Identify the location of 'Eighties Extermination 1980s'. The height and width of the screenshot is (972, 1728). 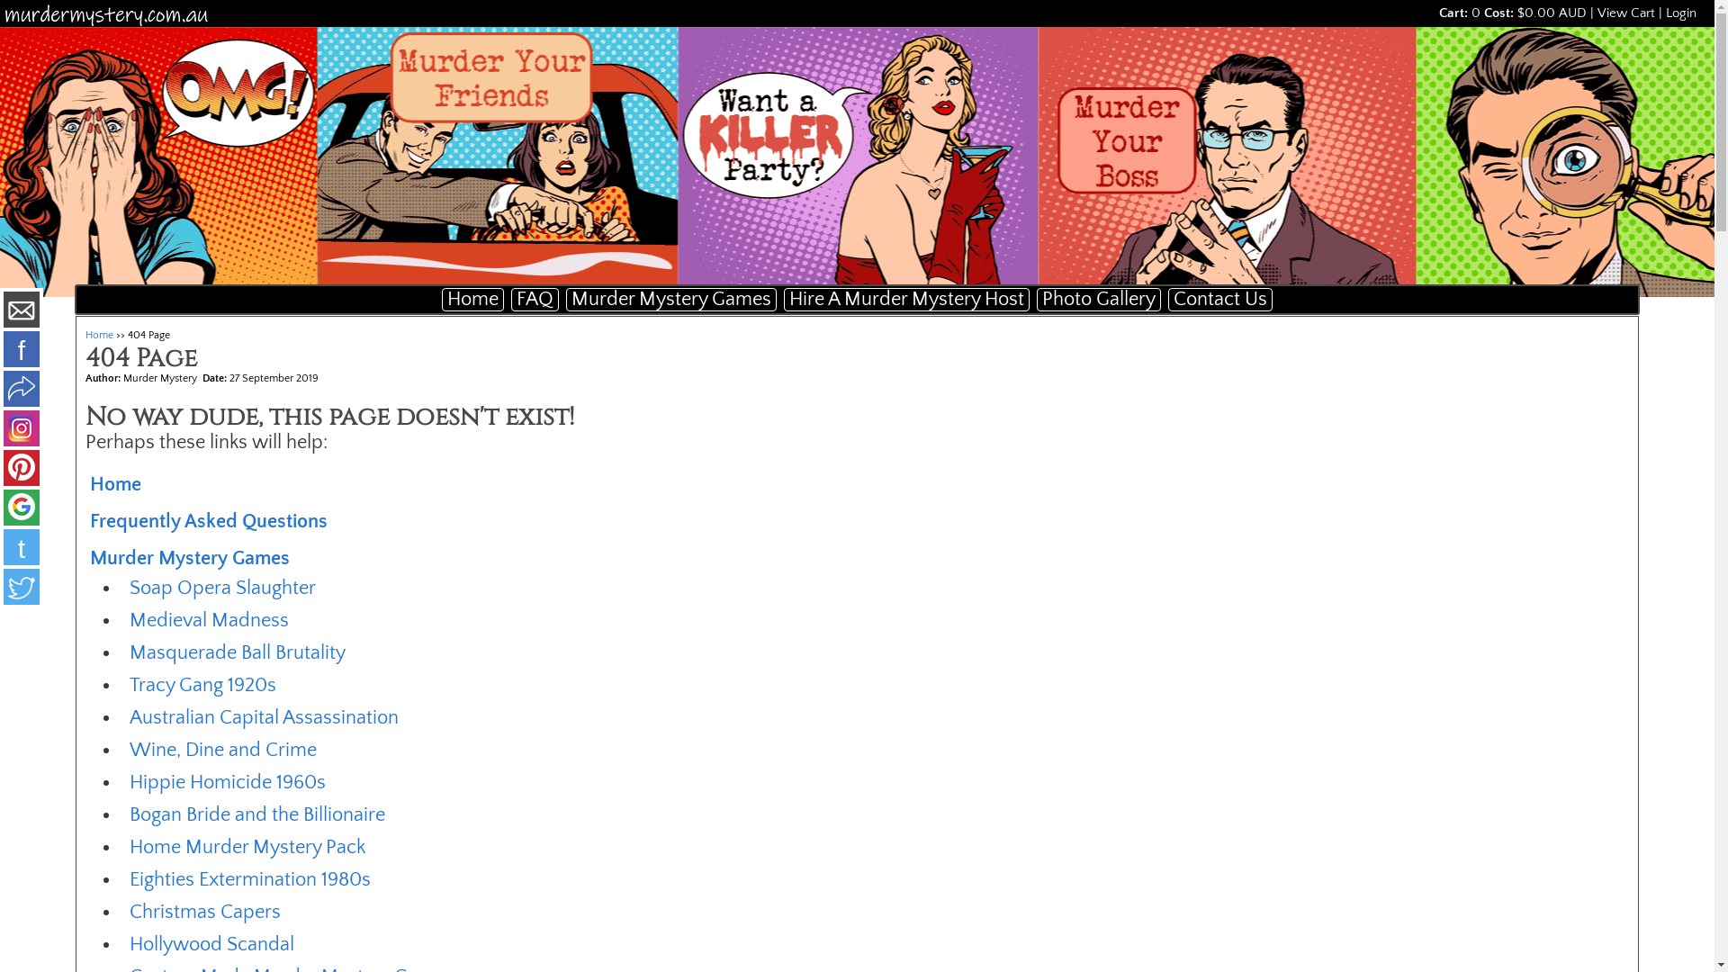
(249, 878).